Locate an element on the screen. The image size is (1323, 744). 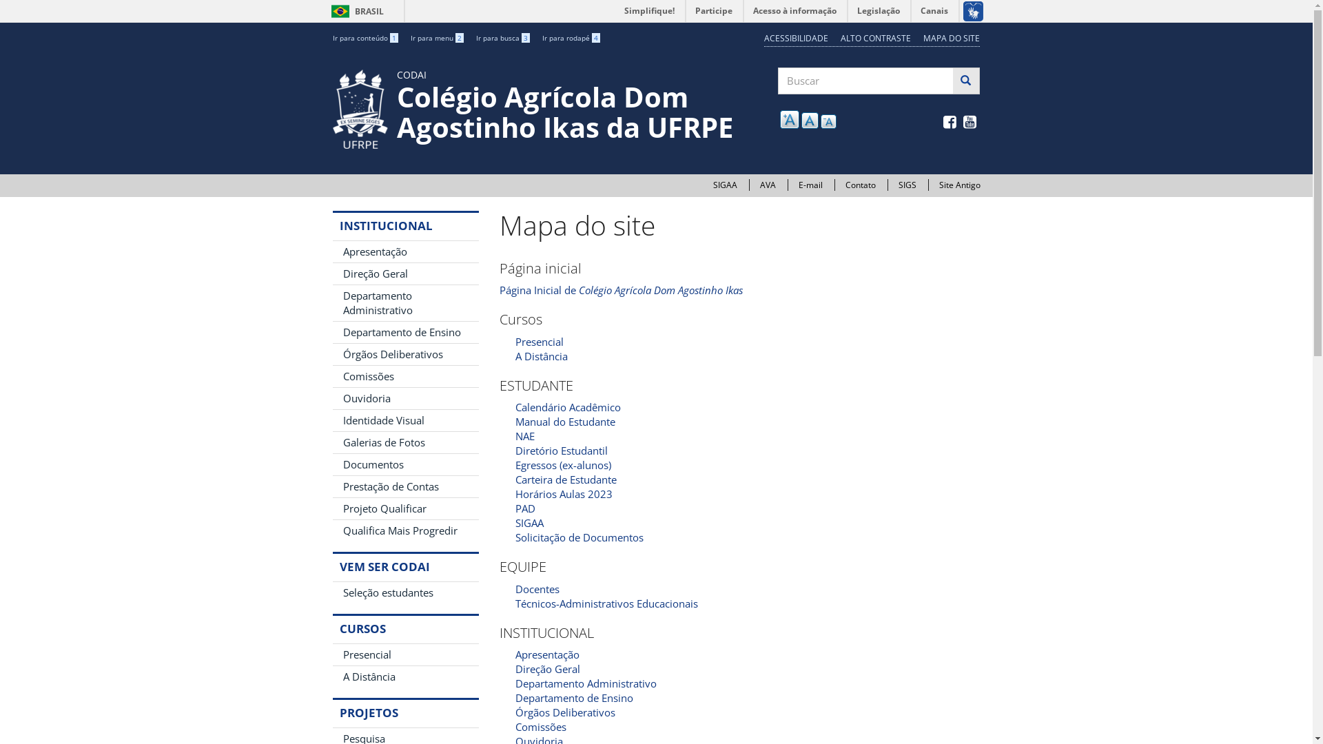
'Ir para busca 3' is located at coordinates (502, 37).